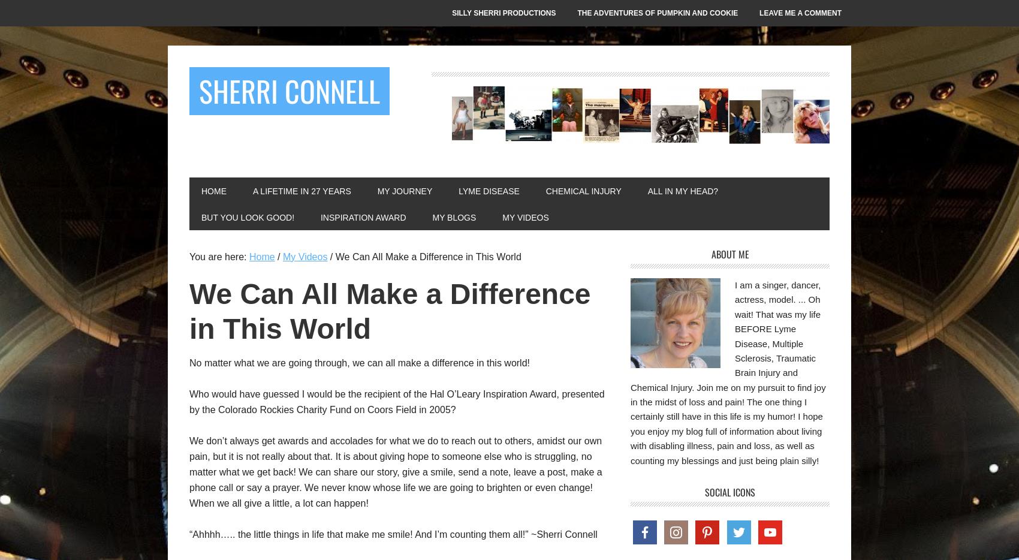 The width and height of the screenshot is (1019, 560). Describe the element at coordinates (647, 190) in the screenshot. I see `'All in My Head?'` at that location.